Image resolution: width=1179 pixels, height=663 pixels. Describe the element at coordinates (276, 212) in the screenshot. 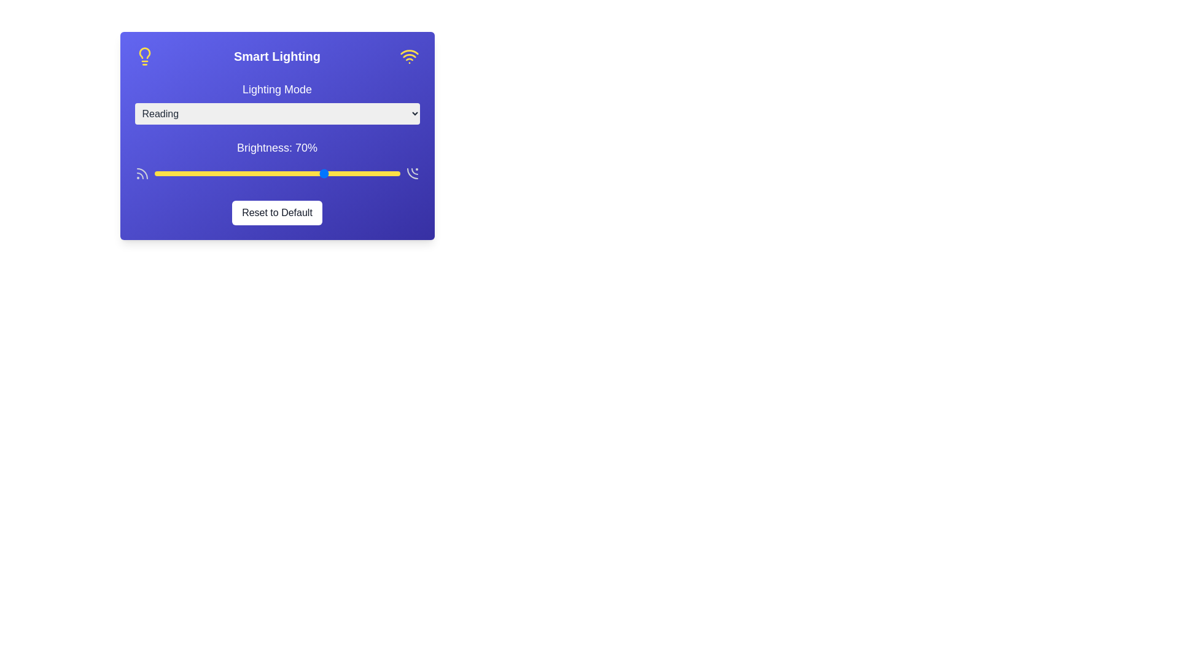

I see `'Reset to Default' button to reset the settings` at that location.